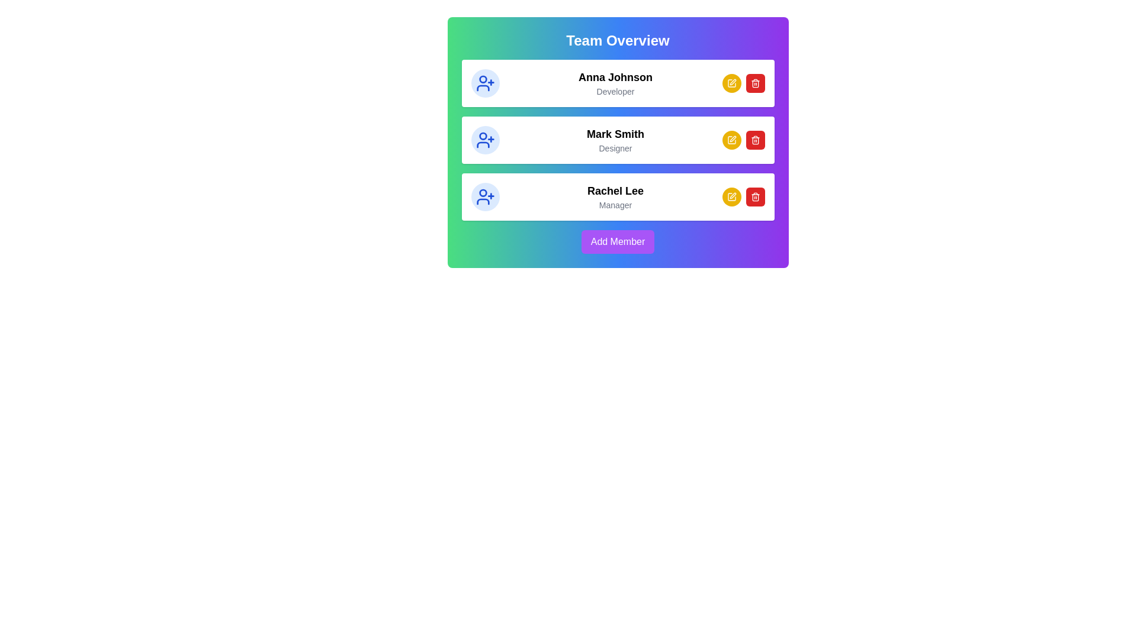 This screenshot has height=639, width=1137. I want to click on the small SVG circle element representing the graphical part of the user-icon for the third team member, which is related to 'Rachel Lee, Manager', so click(483, 192).